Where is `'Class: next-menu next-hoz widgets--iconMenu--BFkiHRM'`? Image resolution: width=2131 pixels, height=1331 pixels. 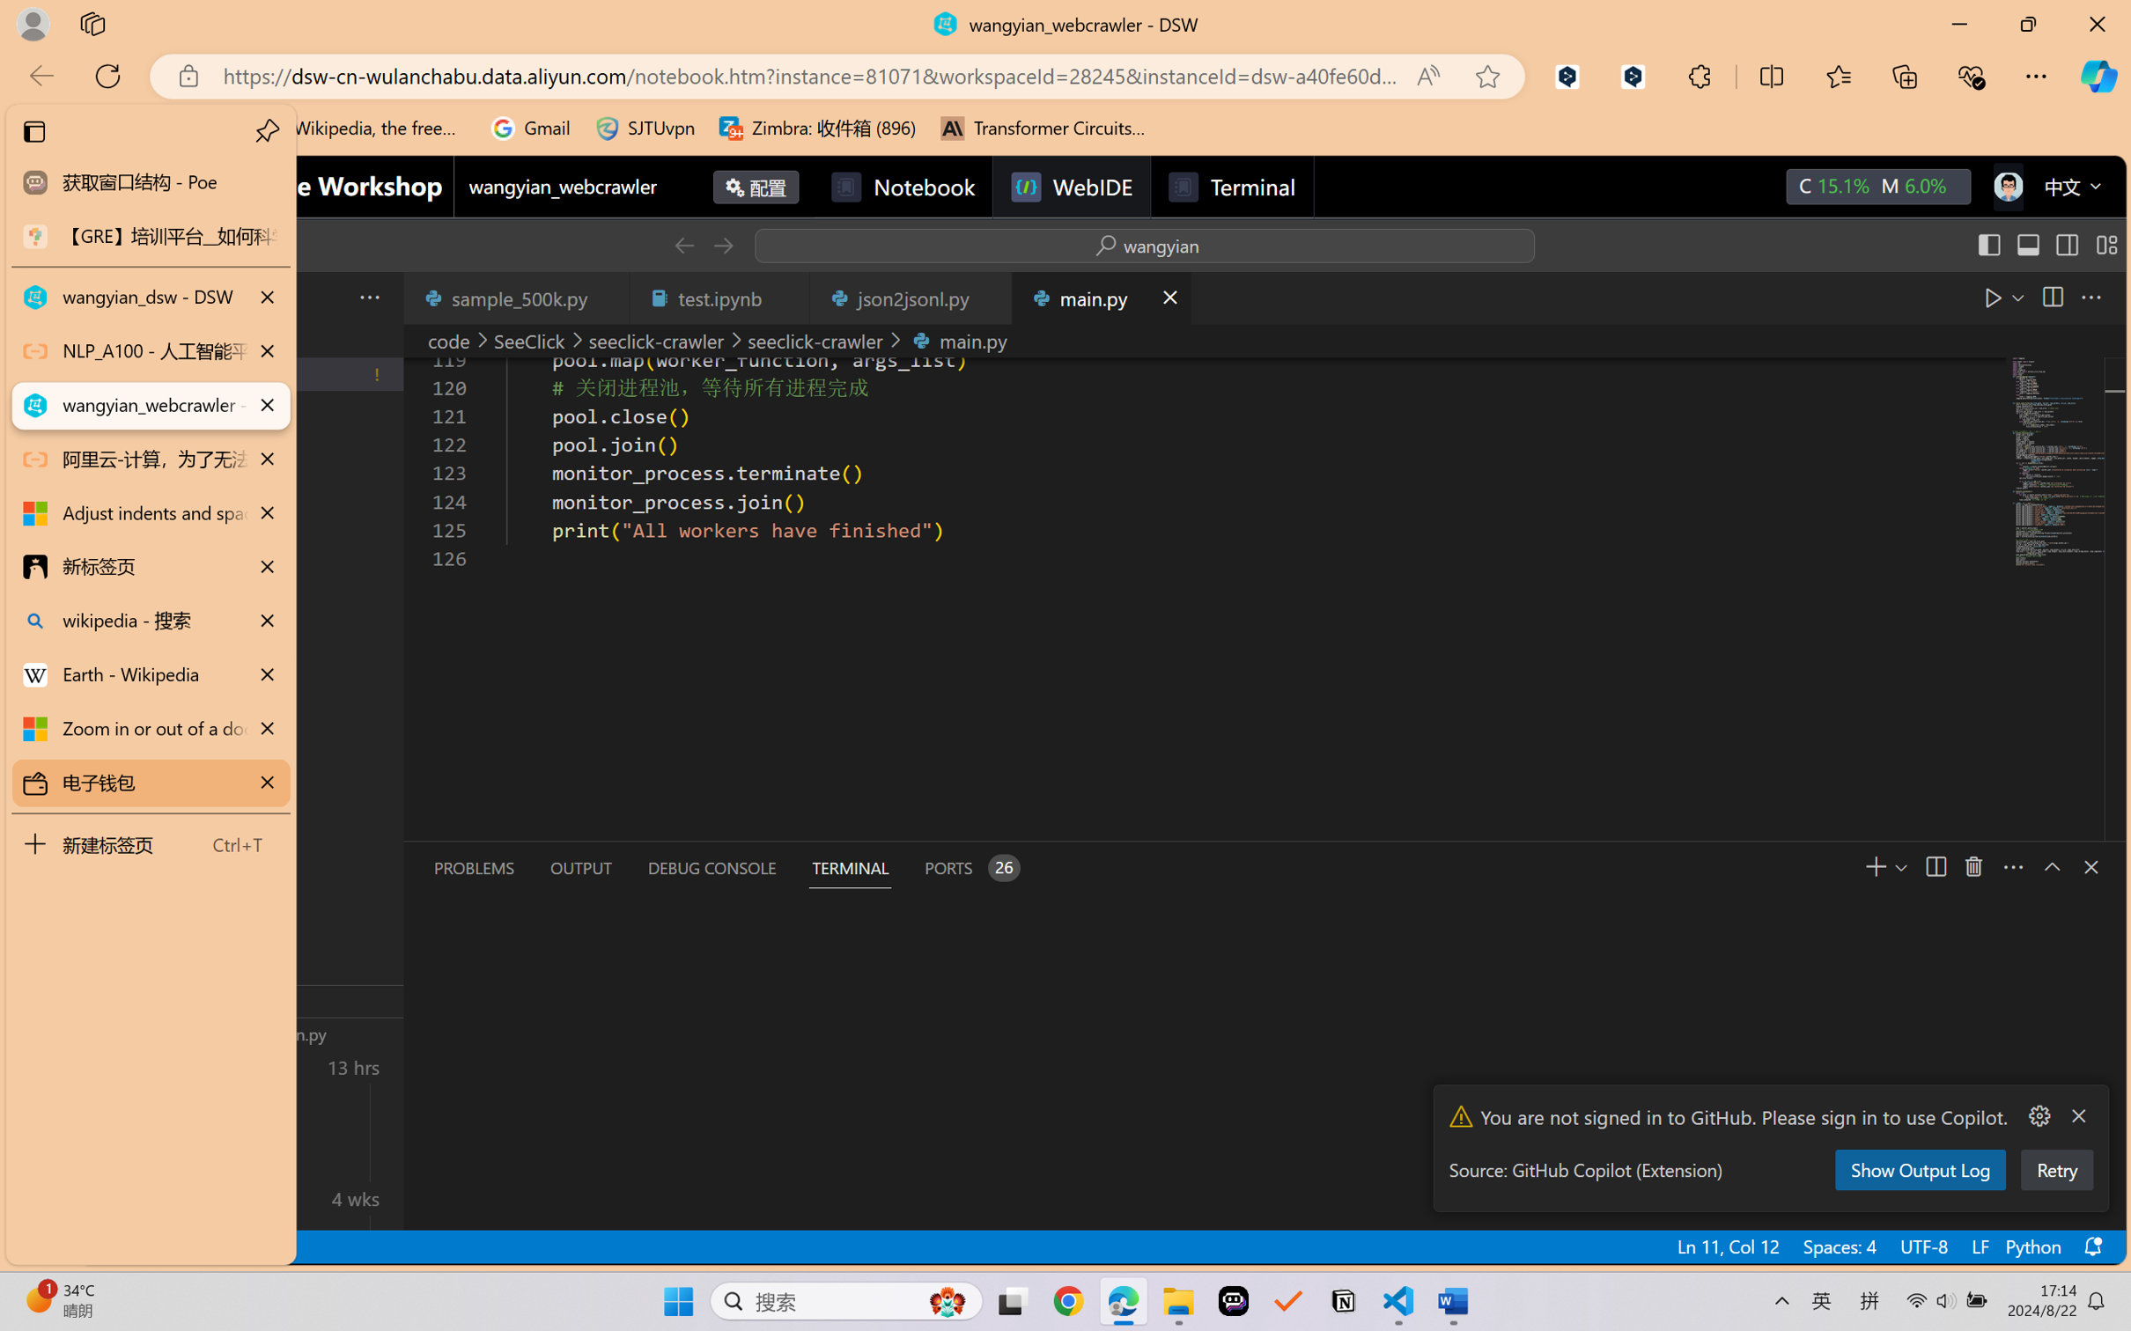 'Class: next-menu next-hoz widgets--iconMenu--BFkiHRM' is located at coordinates (2007, 186).